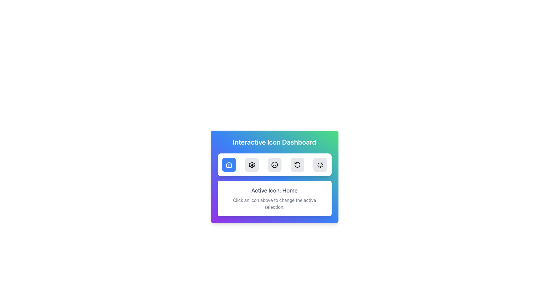  I want to click on the main body of the house icon located at the leftmost position within a row of five icons in the dashboard, so click(229, 165).